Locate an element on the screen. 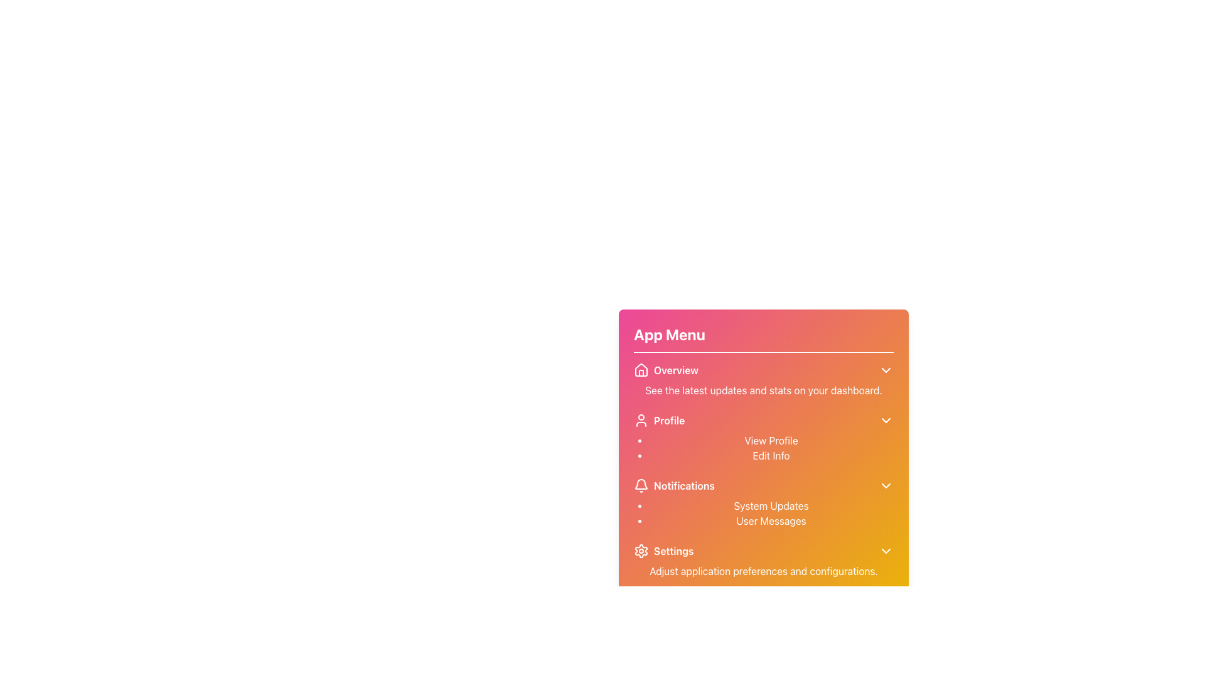  the downward-facing chevron icon button located to the far right of the 'Settings' item in the application menu is located at coordinates (885, 551).